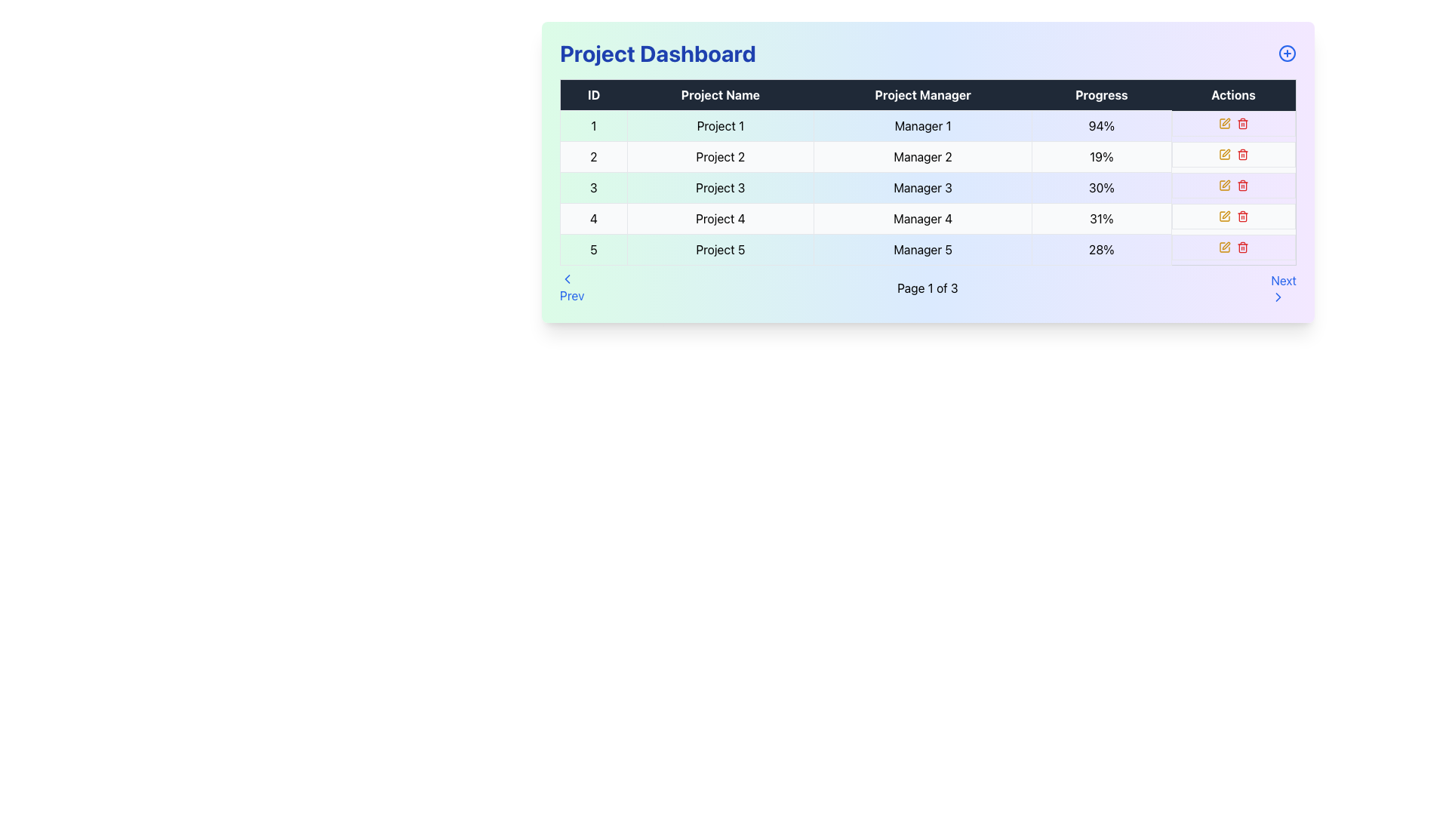 The image size is (1449, 815). Describe the element at coordinates (1101, 95) in the screenshot. I see `the static text label displaying 'Progress' in bold, white font within the header row of the table layout` at that location.